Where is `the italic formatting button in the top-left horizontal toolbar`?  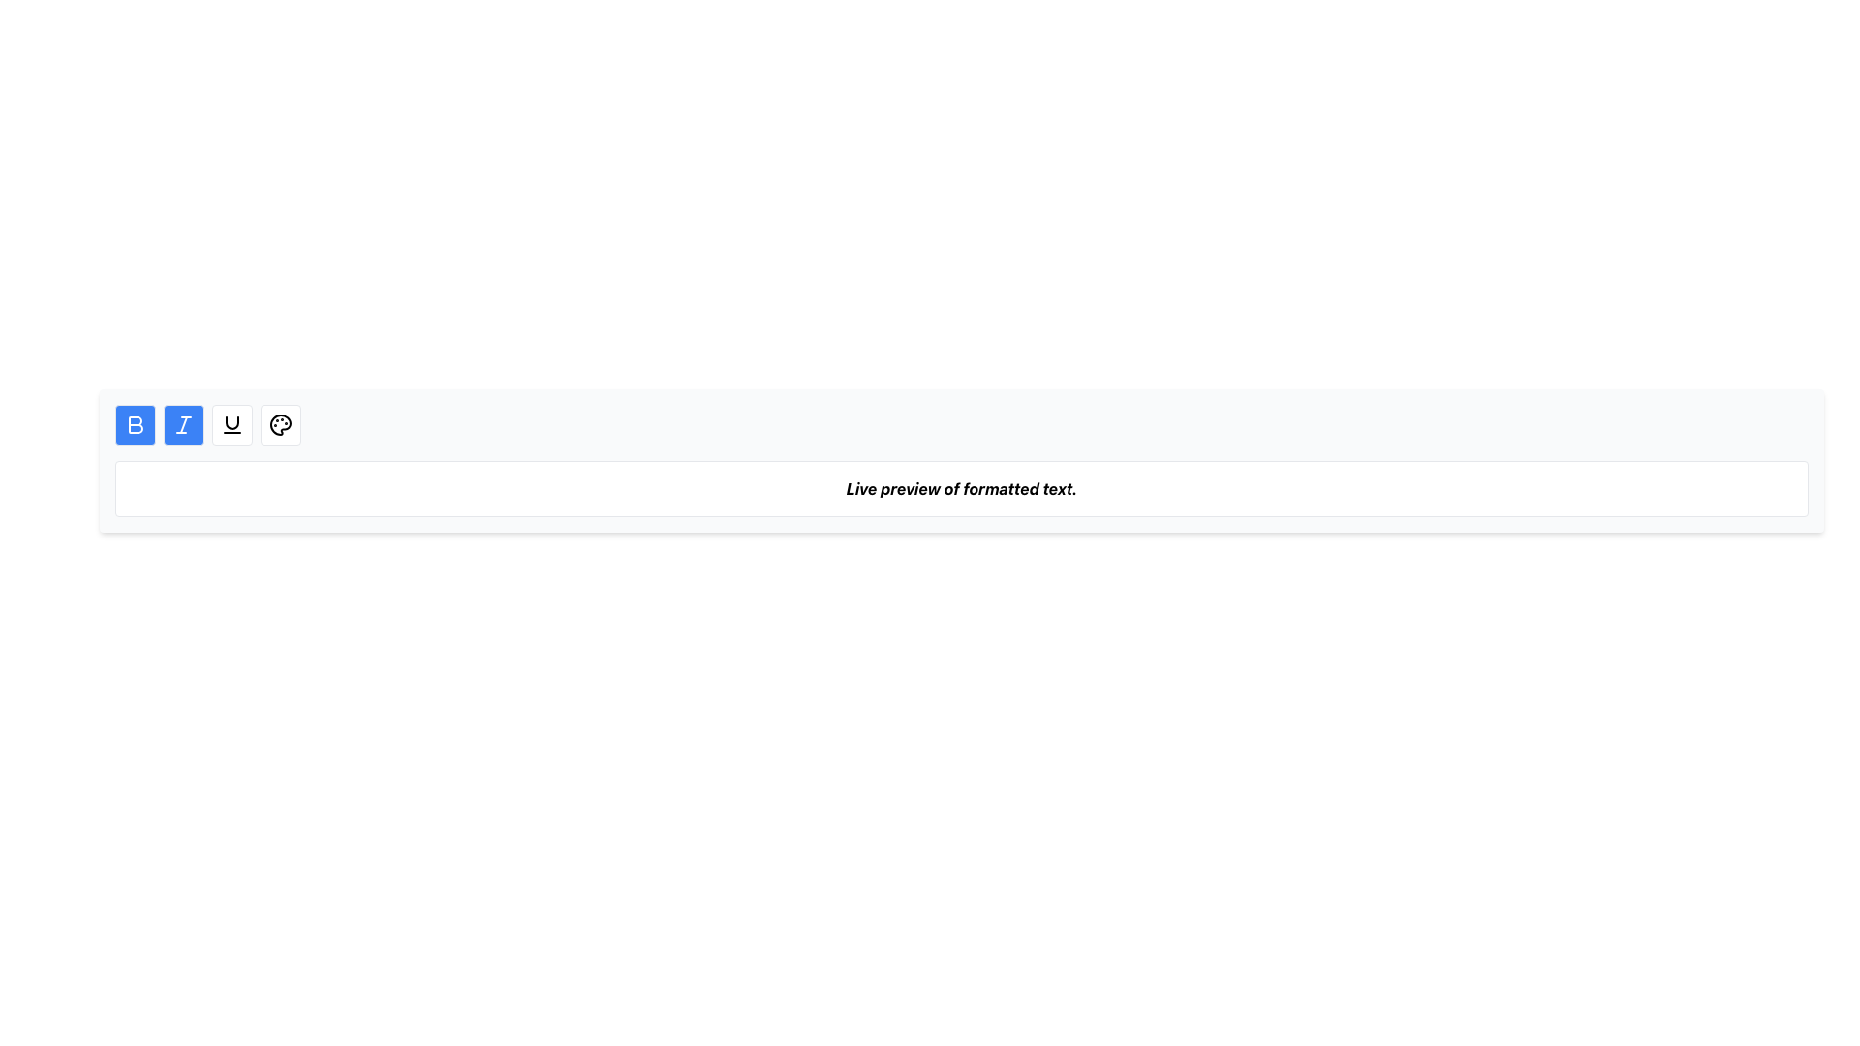 the italic formatting button in the top-left horizontal toolbar is located at coordinates (184, 424).